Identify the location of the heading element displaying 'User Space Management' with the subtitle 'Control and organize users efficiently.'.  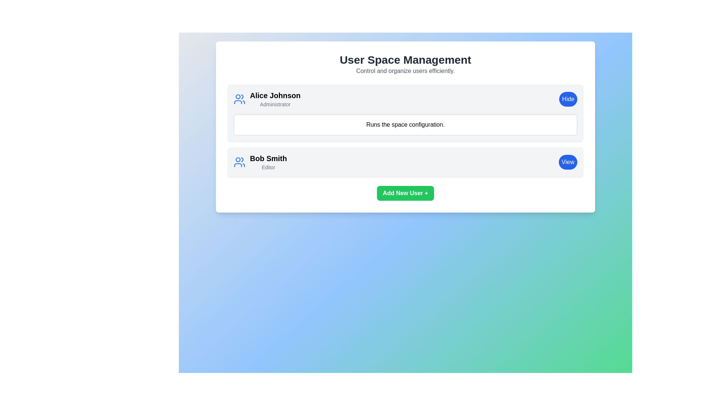
(405, 64).